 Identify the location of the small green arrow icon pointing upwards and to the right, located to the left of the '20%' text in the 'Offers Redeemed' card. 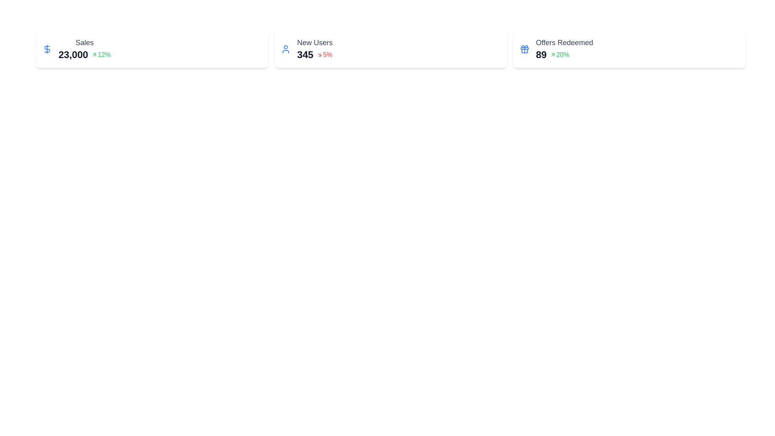
(553, 55).